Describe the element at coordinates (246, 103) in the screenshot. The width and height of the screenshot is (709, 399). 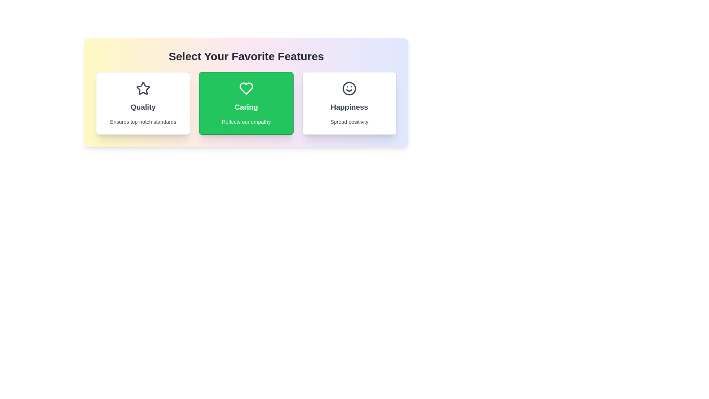
I see `the feature card Caring by clicking on it` at that location.